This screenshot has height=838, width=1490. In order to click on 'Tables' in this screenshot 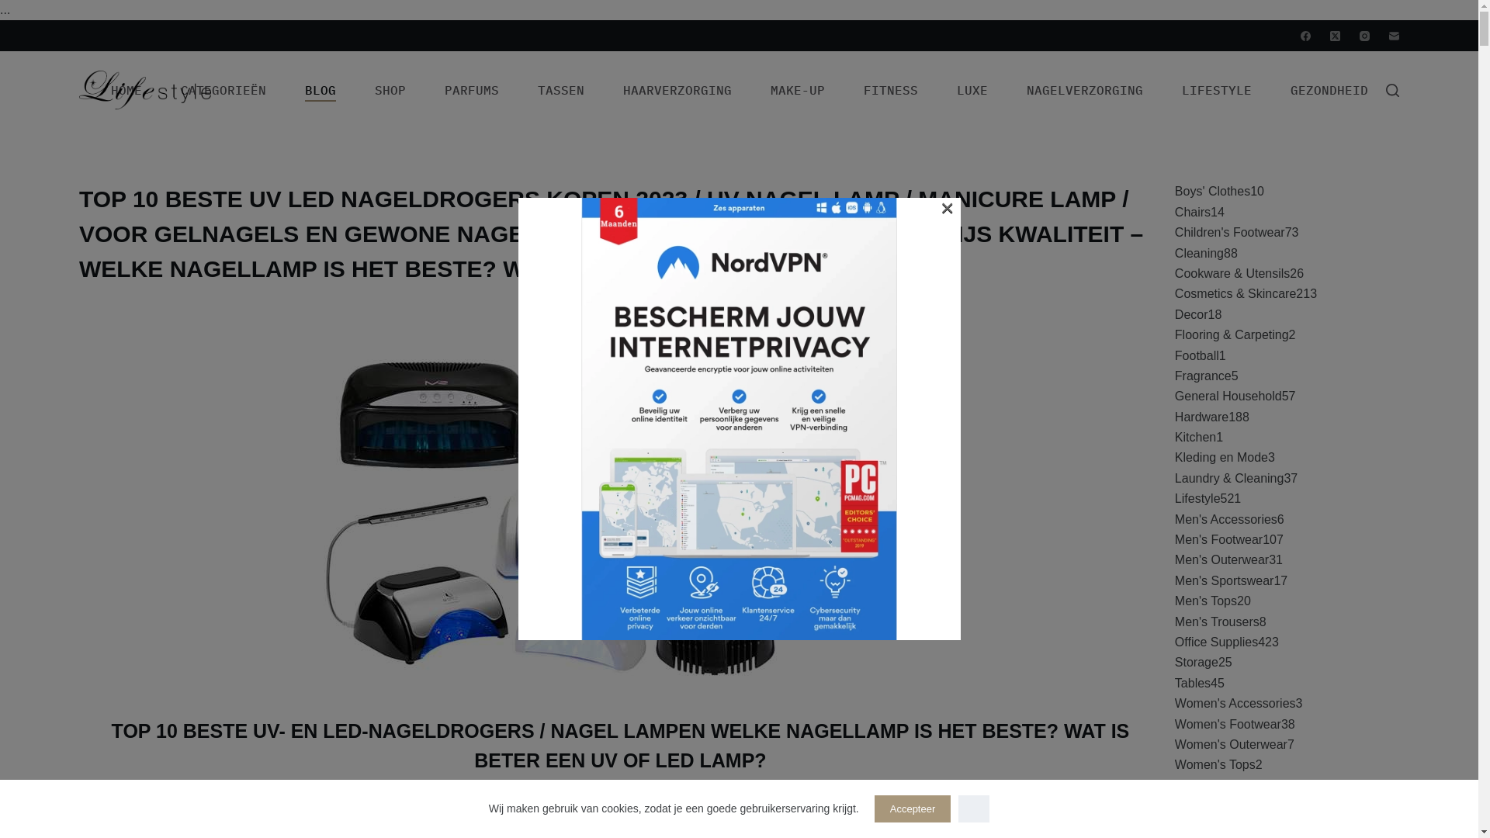, I will do `click(1191, 682)`.